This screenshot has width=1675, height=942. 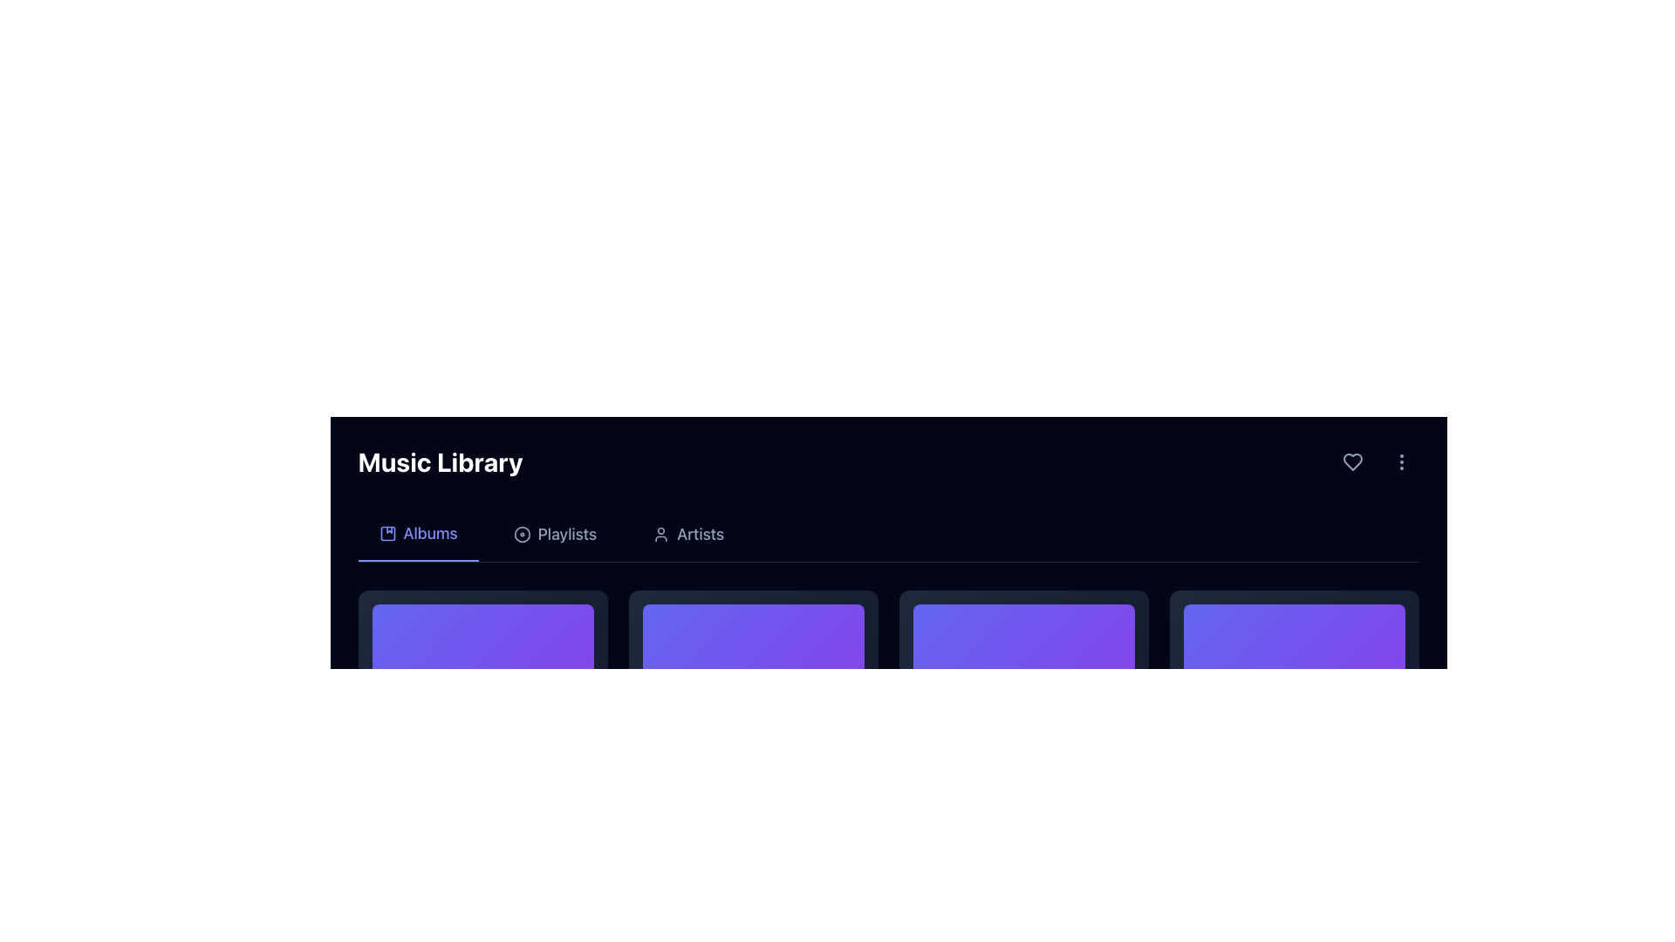 I want to click on the 'Playlists' navigation link, which is styled with slate-gray color transitioning to indigo on hover, located in the horizontal navigation bar, so click(x=554, y=534).